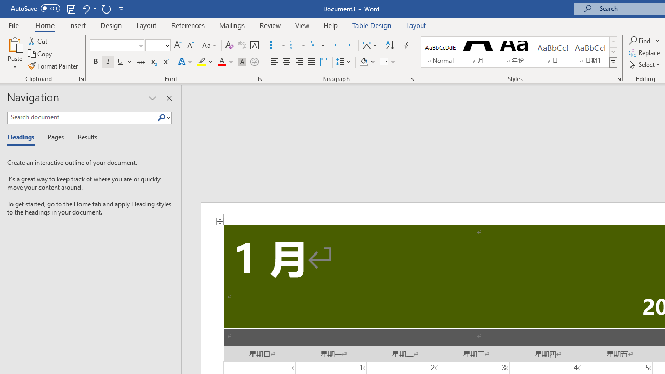 This screenshot has width=665, height=374. I want to click on 'Font...', so click(260, 78).